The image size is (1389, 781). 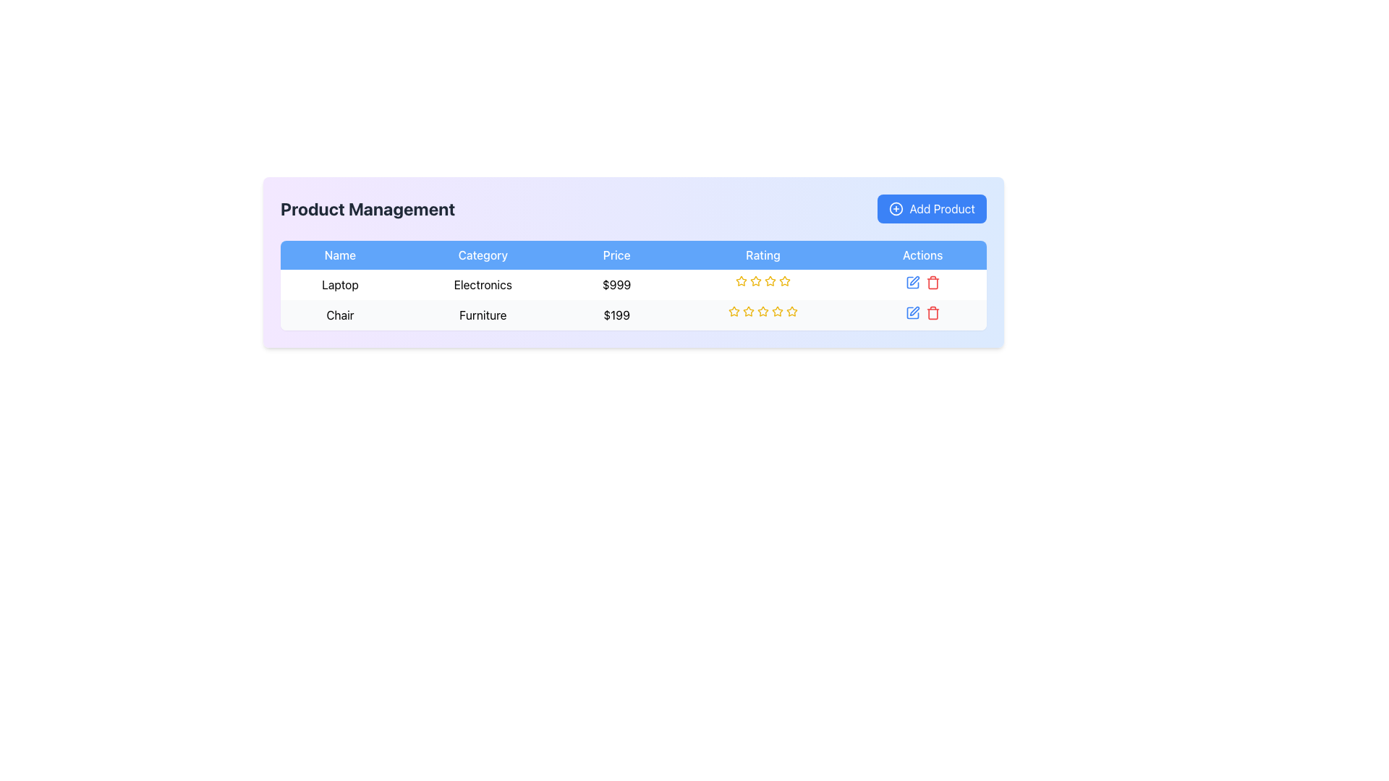 I want to click on the Text Display element that shows the price '$999' for the product 'Laptop', so click(x=633, y=284).